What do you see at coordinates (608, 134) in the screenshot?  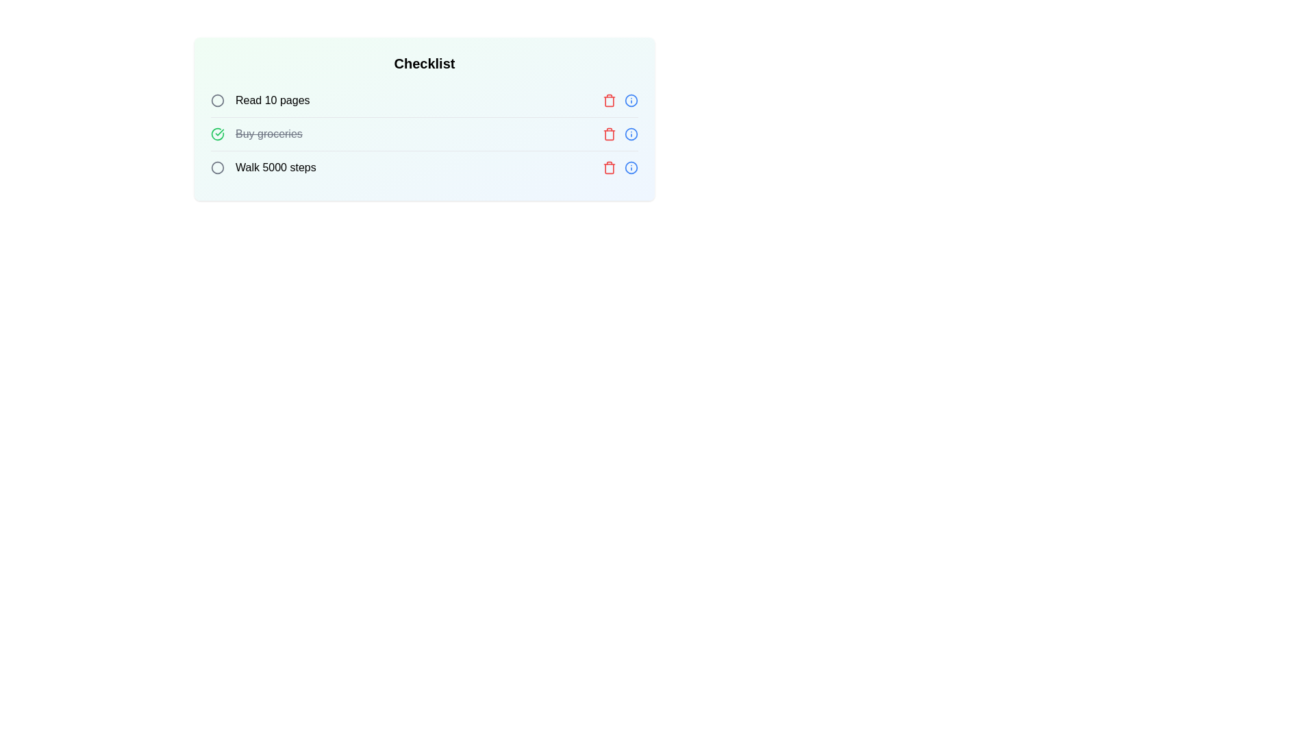 I see `remove button for the checklist item labeled 'Buy groceries'` at bounding box center [608, 134].